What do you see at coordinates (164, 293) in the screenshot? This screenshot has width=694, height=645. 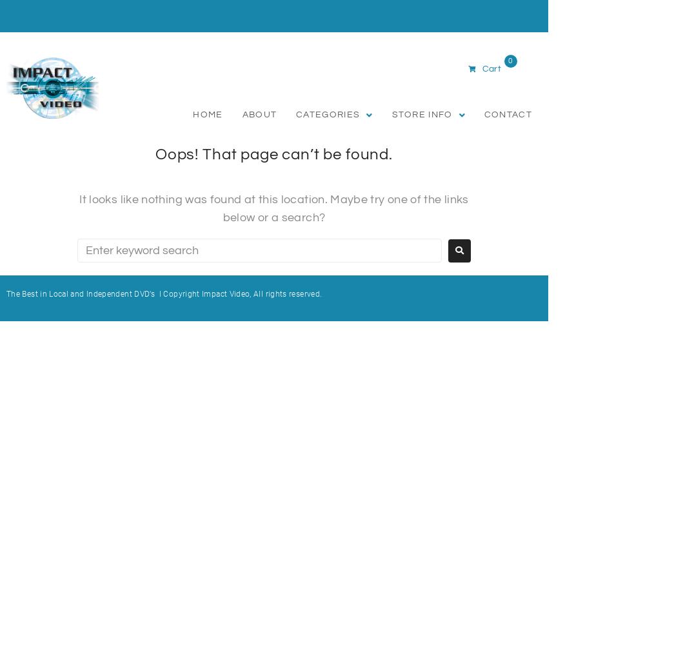 I see `'The Best in Local and Independent DVD’s  I Copyright Impact Video, All rights reserved.'` at bounding box center [164, 293].